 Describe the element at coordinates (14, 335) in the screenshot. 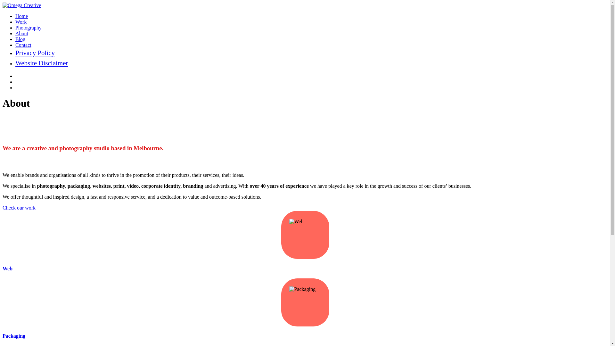

I see `'Packaging'` at that location.